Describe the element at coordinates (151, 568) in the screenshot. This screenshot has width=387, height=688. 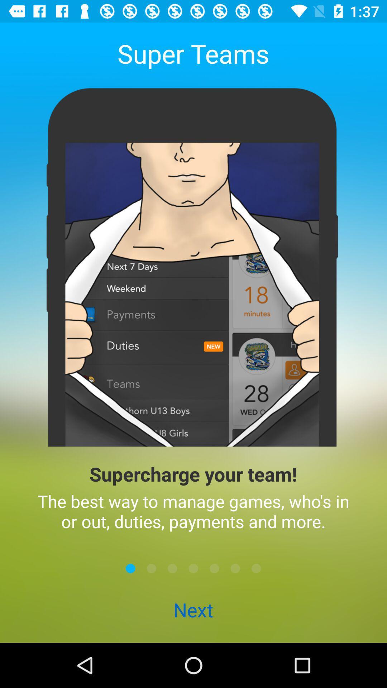
I see `go forward` at that location.